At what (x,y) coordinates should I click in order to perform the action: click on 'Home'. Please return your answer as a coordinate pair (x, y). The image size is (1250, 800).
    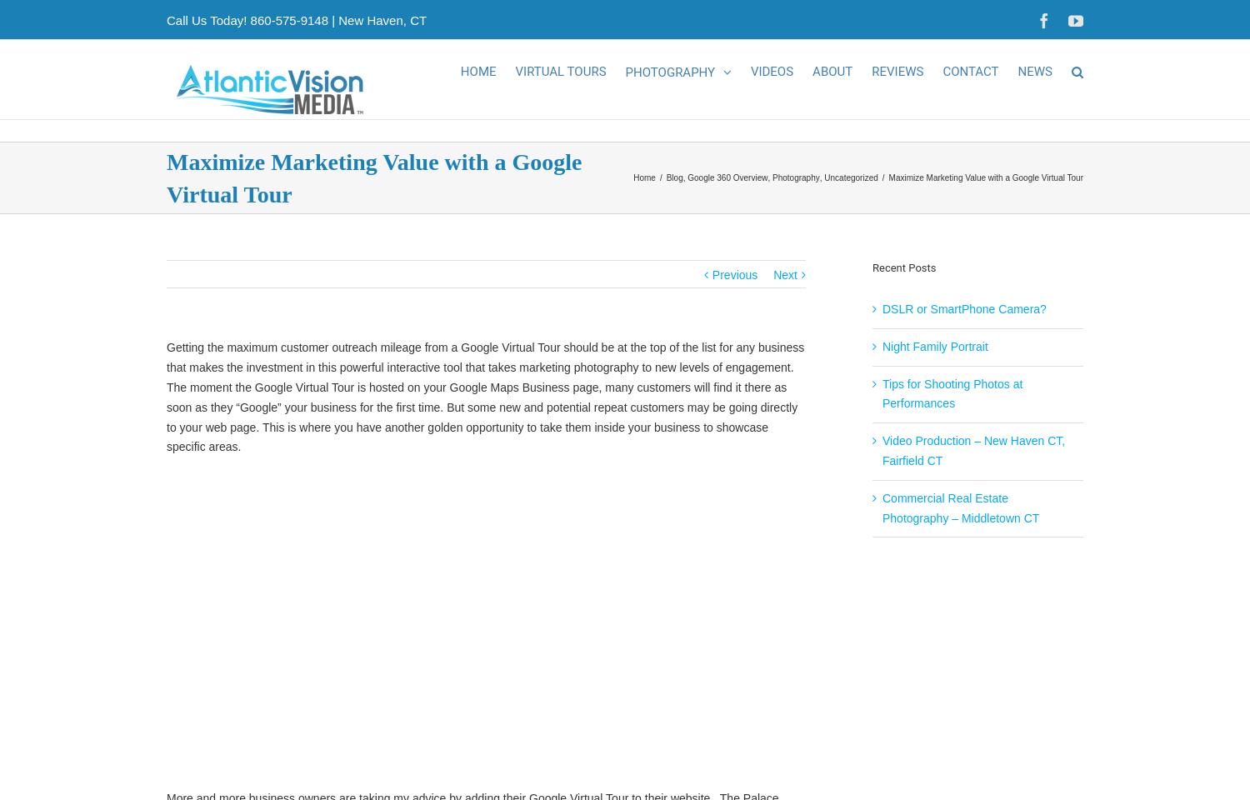
    Looking at the image, I should click on (643, 196).